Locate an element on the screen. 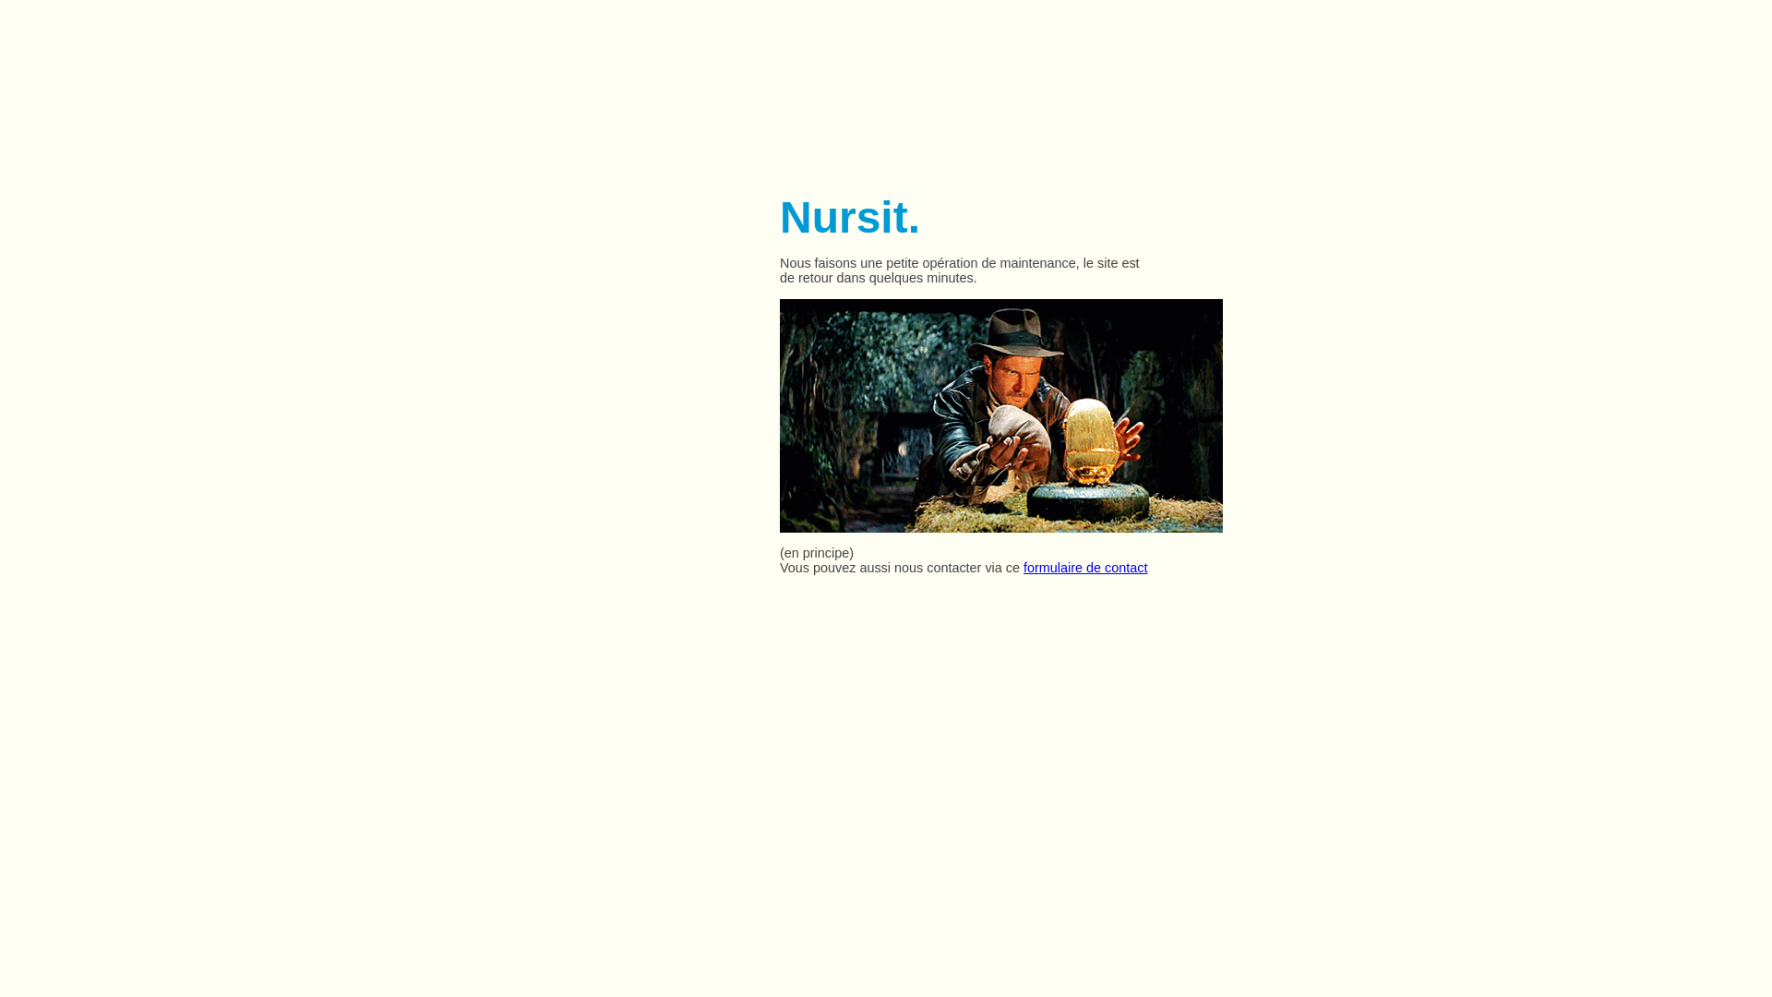 The width and height of the screenshot is (1772, 997). 'formulaire de contact' is located at coordinates (1085, 566).